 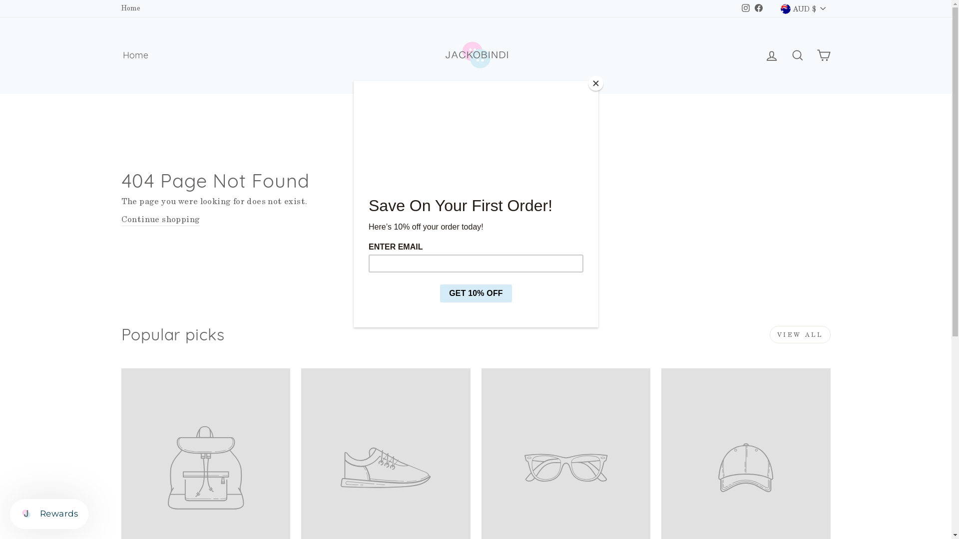 What do you see at coordinates (803, 8) in the screenshot?
I see `'AUD $'` at bounding box center [803, 8].